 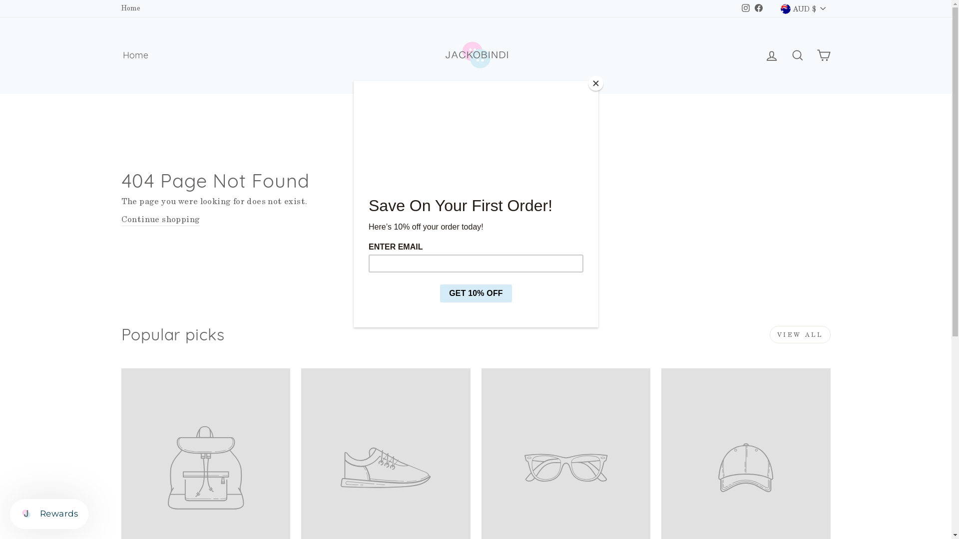 What do you see at coordinates (803, 8) in the screenshot?
I see `'AUD $'` at bounding box center [803, 8].